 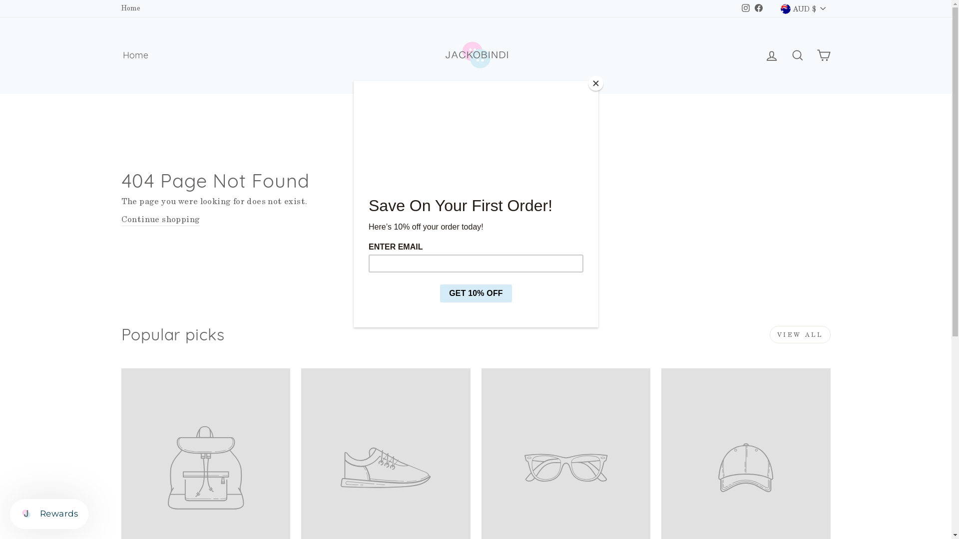 What do you see at coordinates (803, 8) in the screenshot?
I see `'AUD $'` at bounding box center [803, 8].